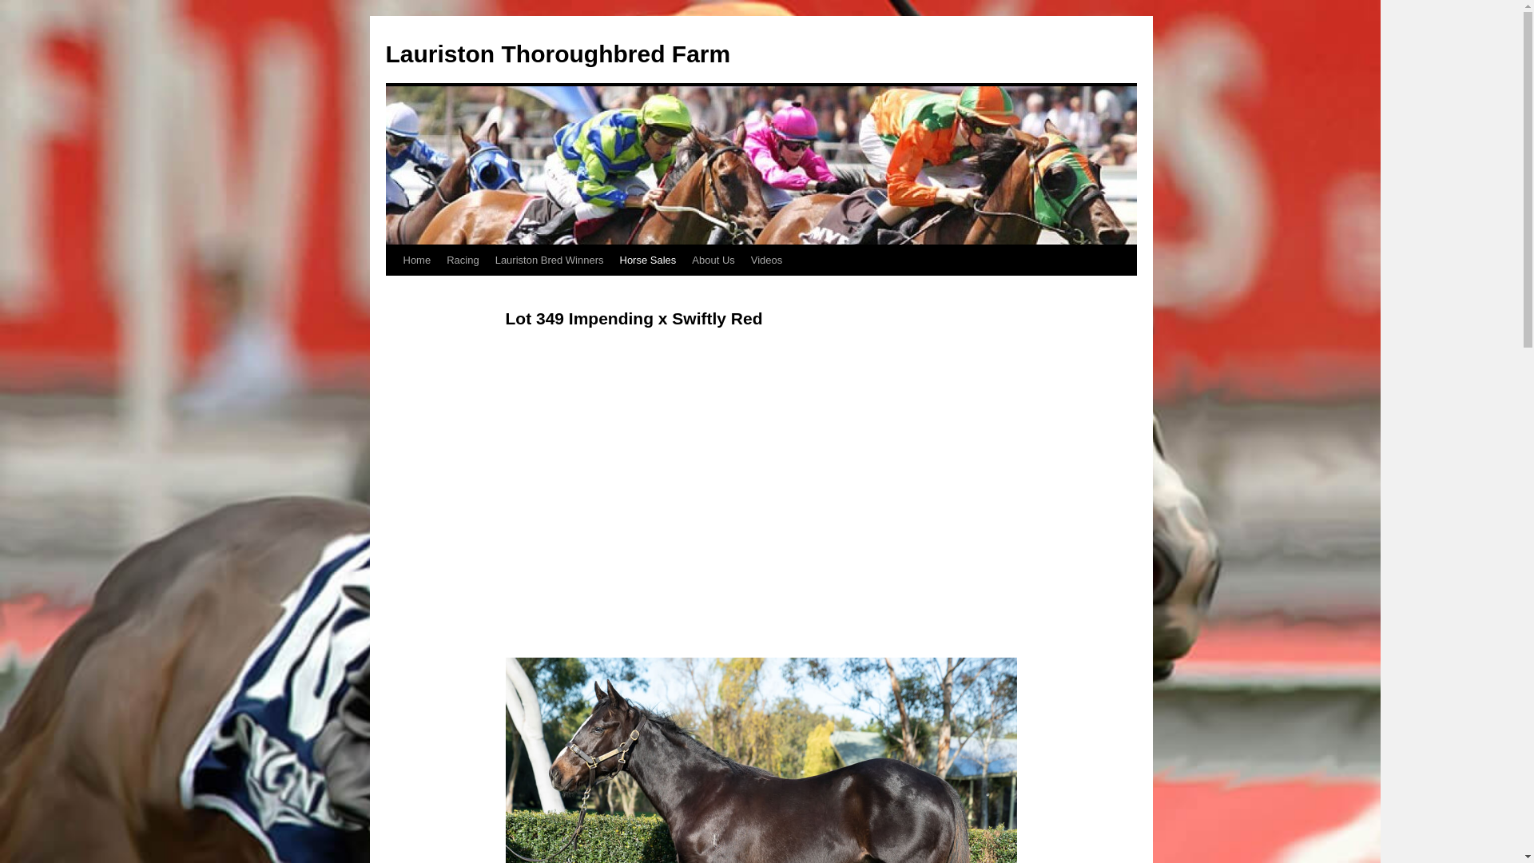 The image size is (1534, 863). What do you see at coordinates (648, 260) in the screenshot?
I see `'Horse Sales'` at bounding box center [648, 260].